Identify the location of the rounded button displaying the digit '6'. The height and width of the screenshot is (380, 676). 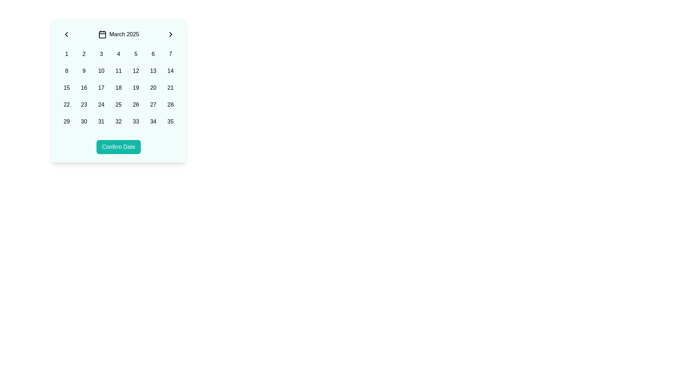
(153, 54).